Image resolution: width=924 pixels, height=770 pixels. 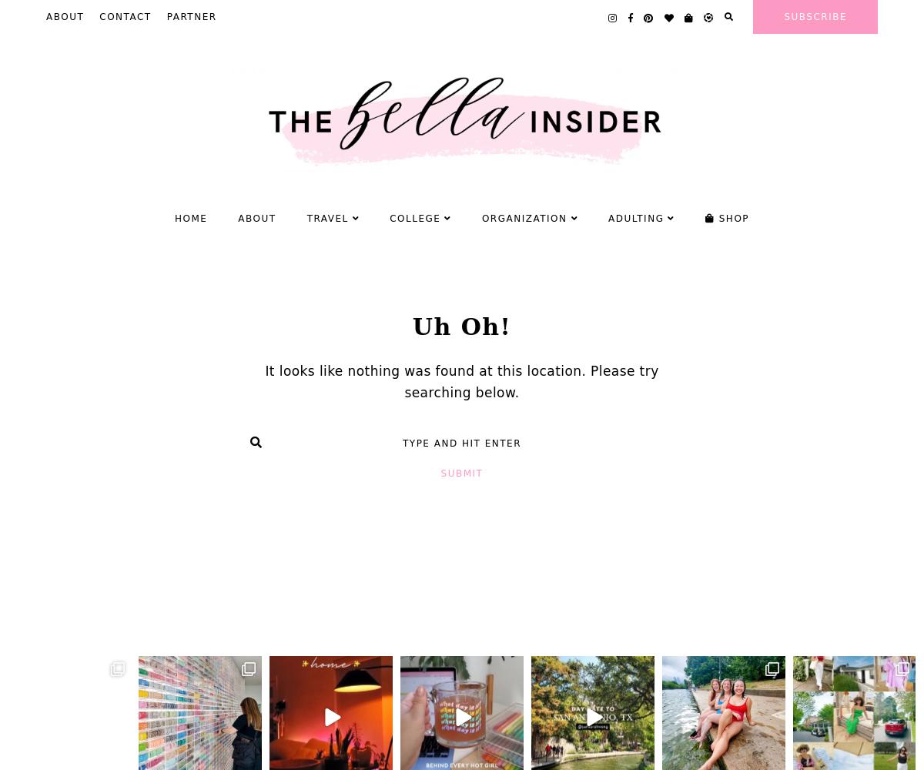 I want to click on 'It looks like nothing was found at this location. Please try searching below.', so click(x=460, y=381).